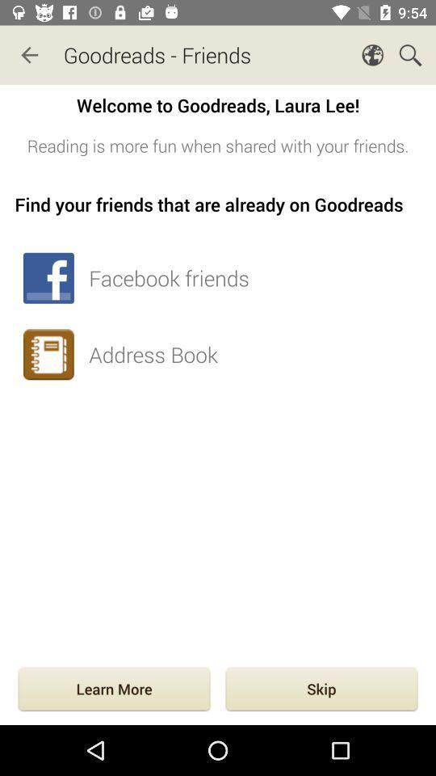 The height and width of the screenshot is (776, 436). What do you see at coordinates (113, 690) in the screenshot?
I see `the icon next to the skip item` at bounding box center [113, 690].